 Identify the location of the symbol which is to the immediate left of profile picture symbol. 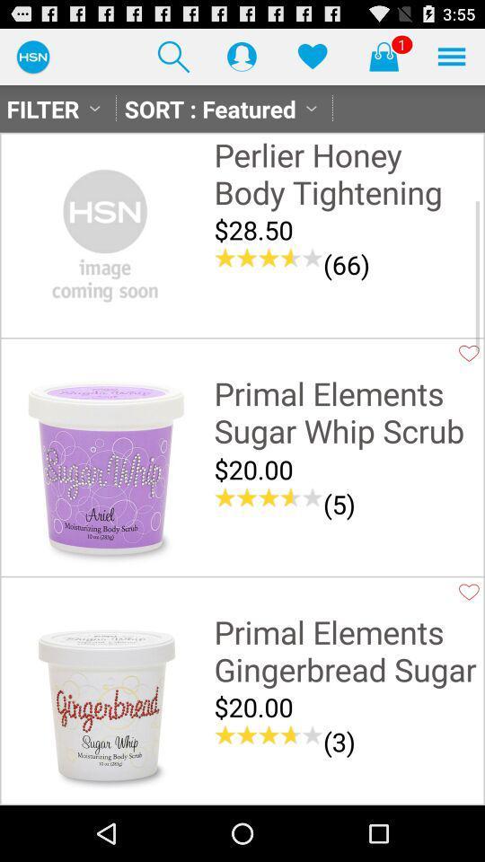
(173, 57).